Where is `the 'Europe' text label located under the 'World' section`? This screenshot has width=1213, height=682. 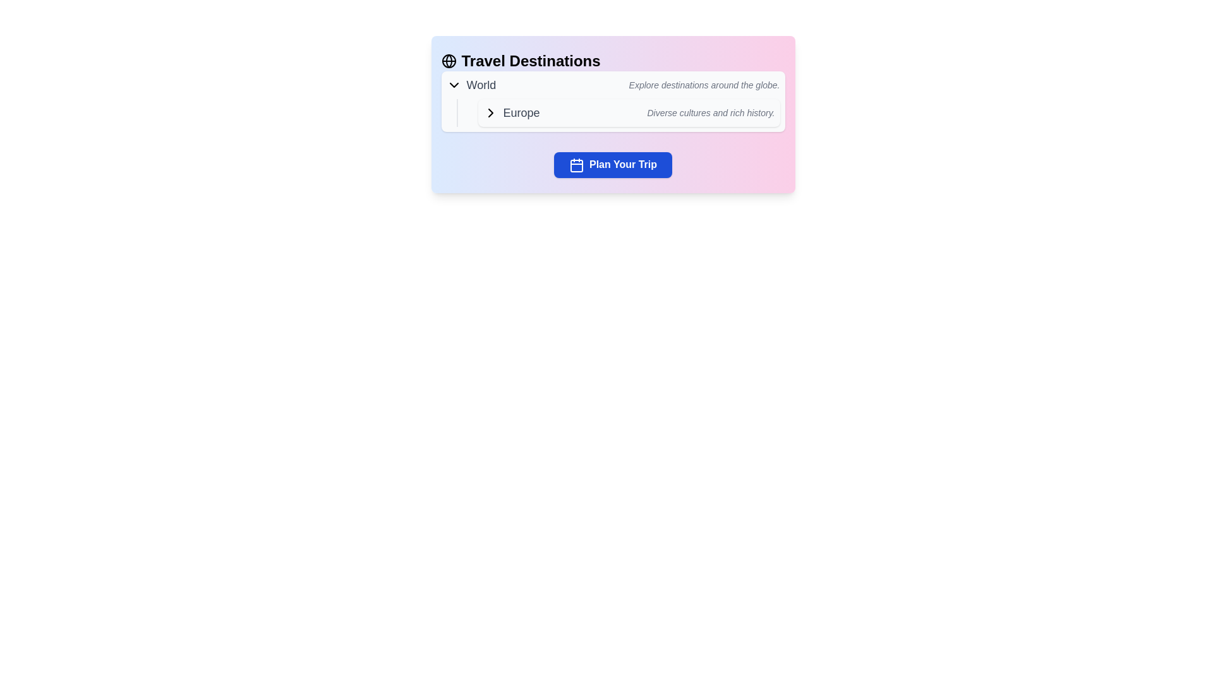
the 'Europe' text label located under the 'World' section is located at coordinates (521, 112).